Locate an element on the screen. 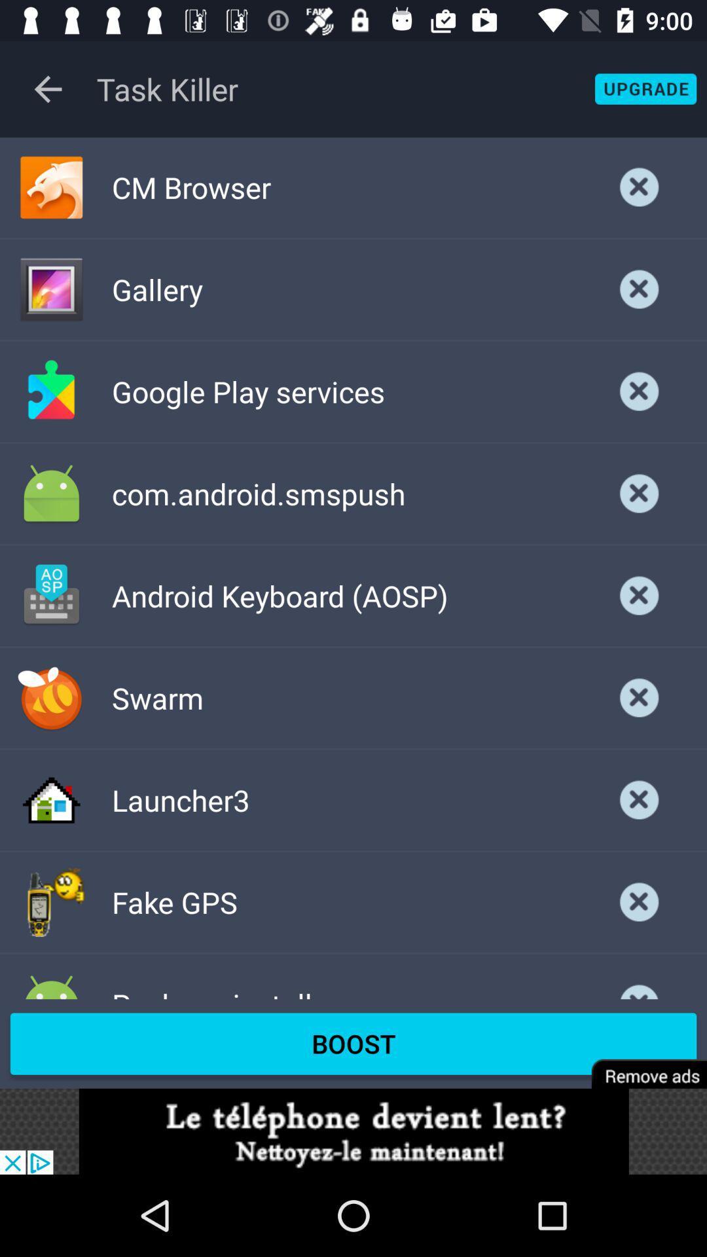 The image size is (707, 1257). upgrade application is located at coordinates (645, 88).